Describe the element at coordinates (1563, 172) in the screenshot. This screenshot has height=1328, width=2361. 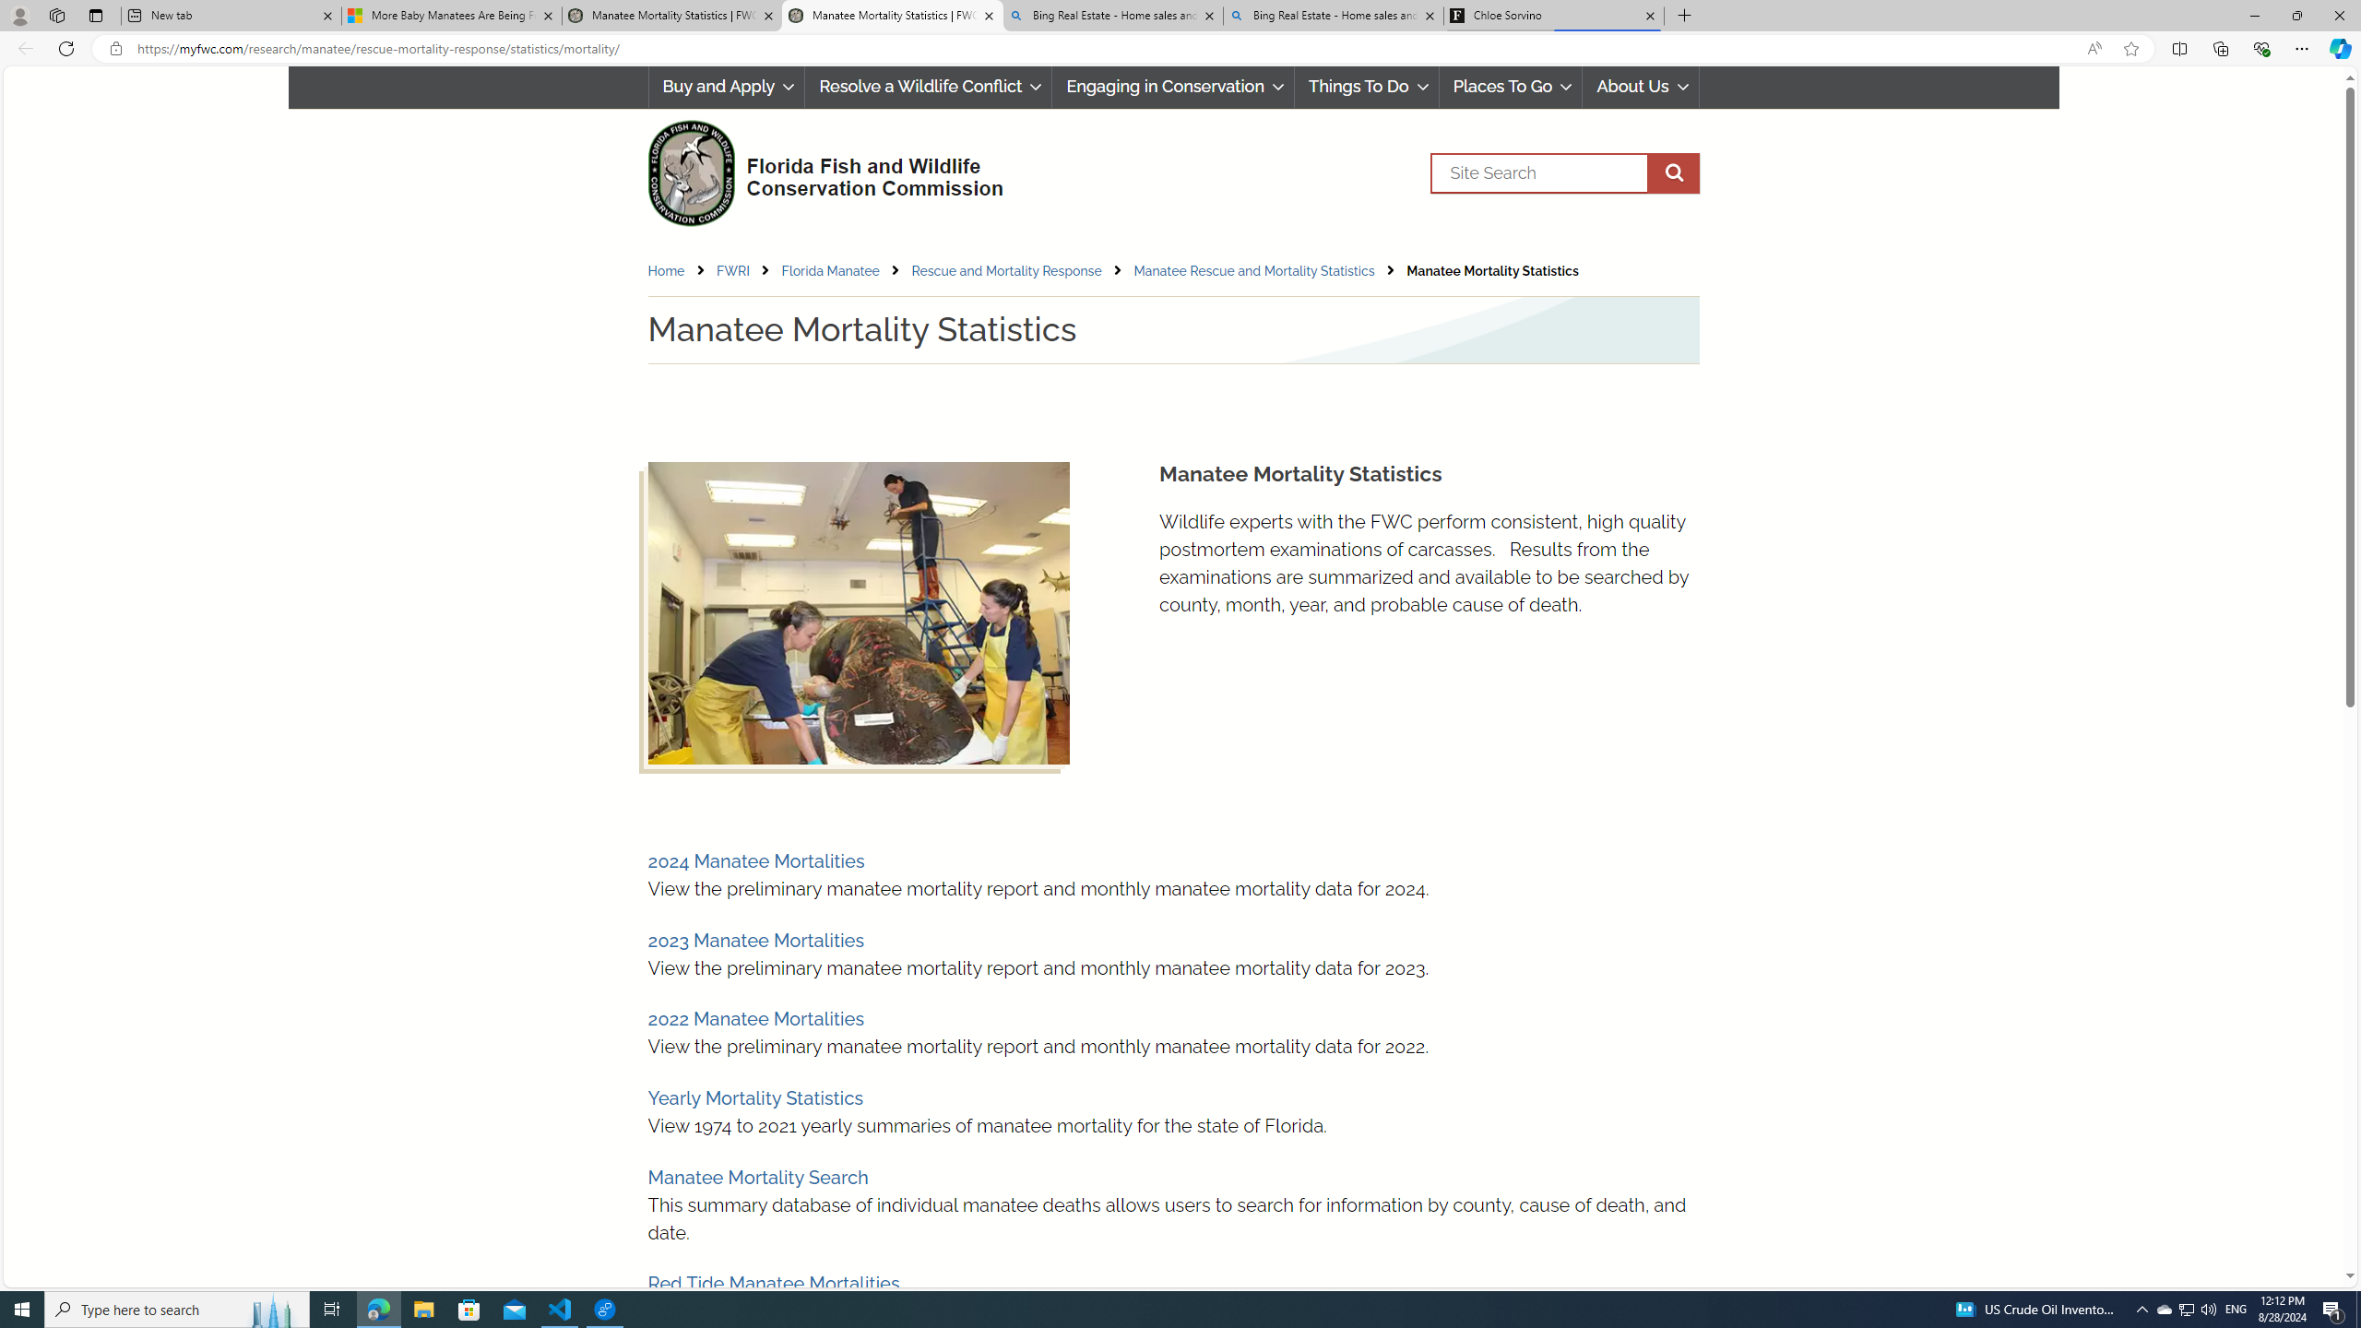
I see `'Search'` at that location.